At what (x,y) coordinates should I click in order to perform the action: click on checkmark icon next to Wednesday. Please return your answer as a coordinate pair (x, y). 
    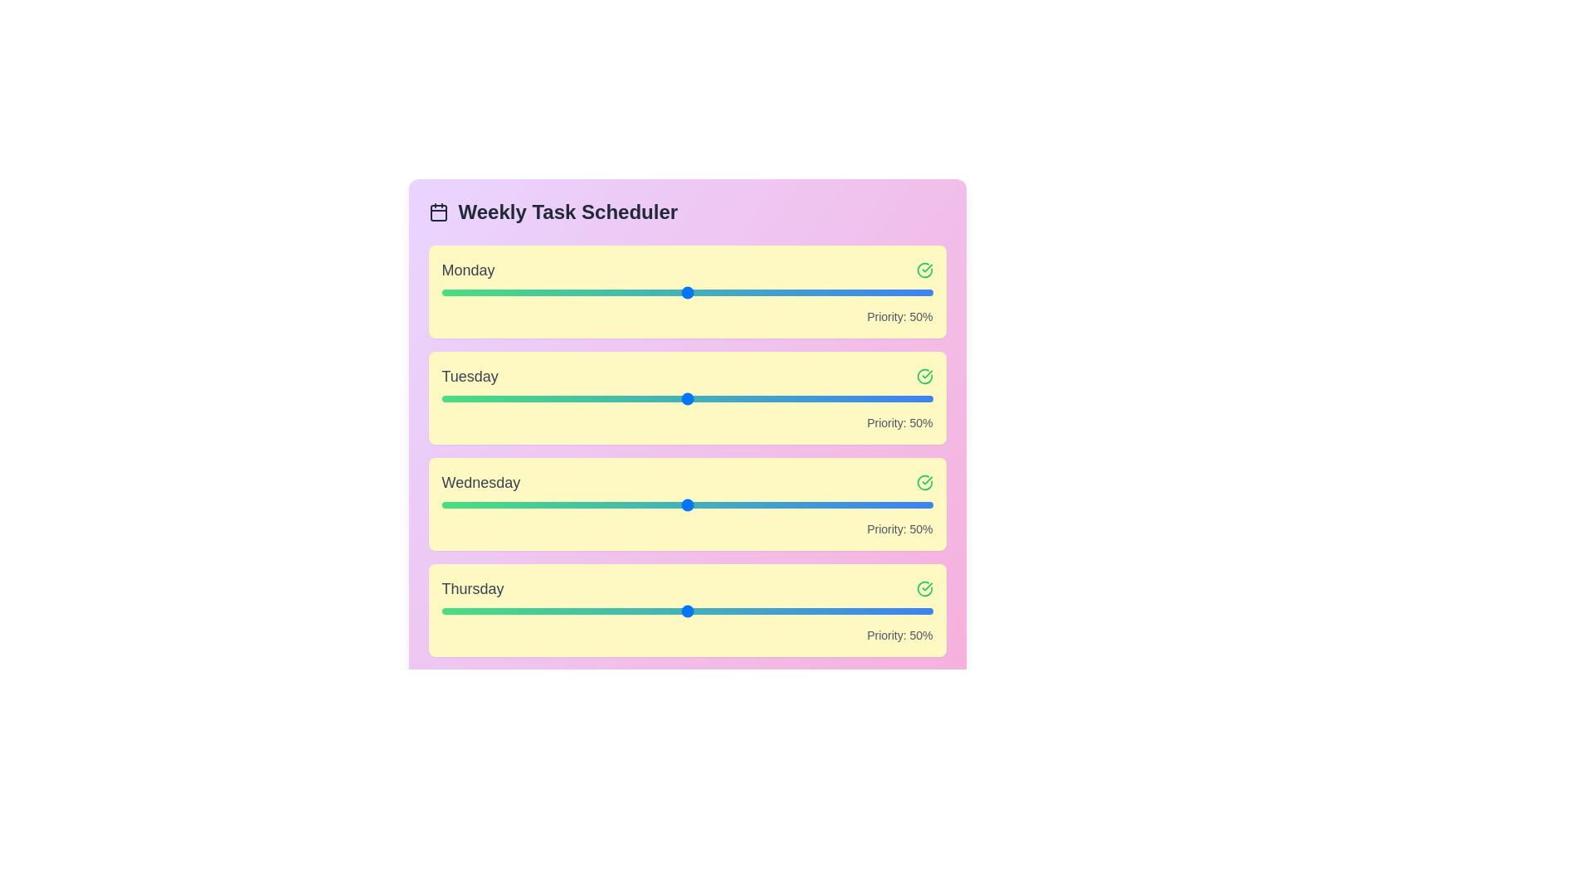
    Looking at the image, I should click on (923, 483).